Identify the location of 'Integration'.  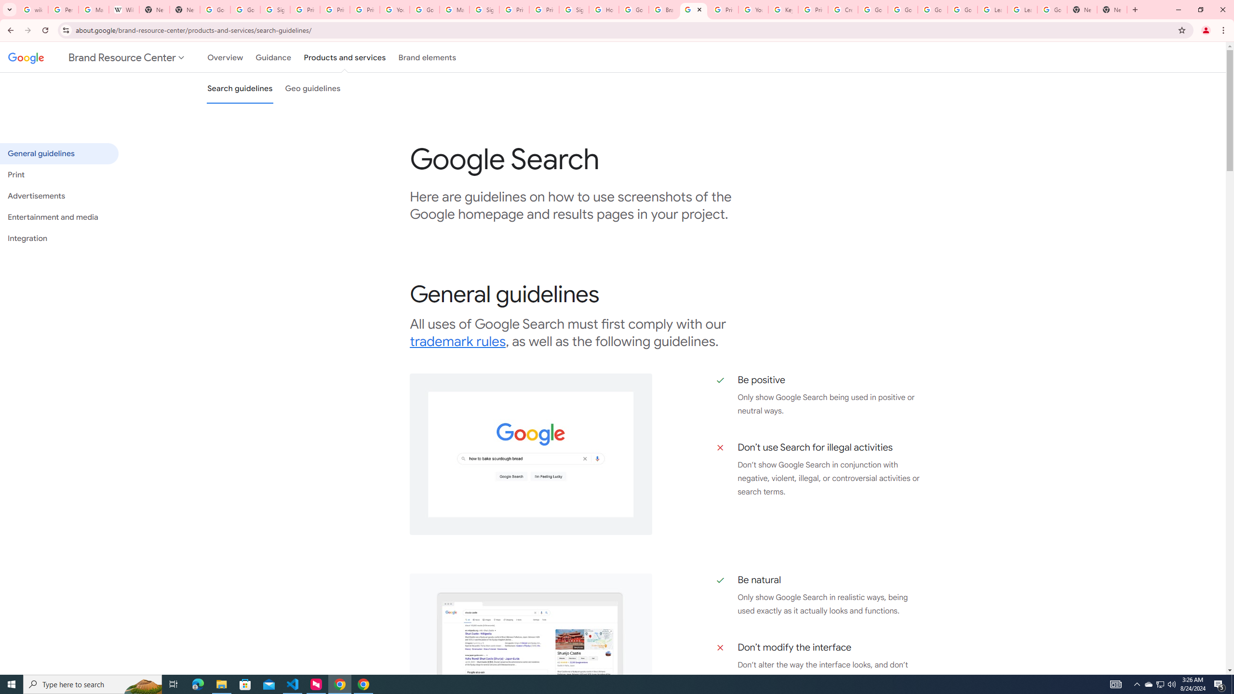
(59, 238).